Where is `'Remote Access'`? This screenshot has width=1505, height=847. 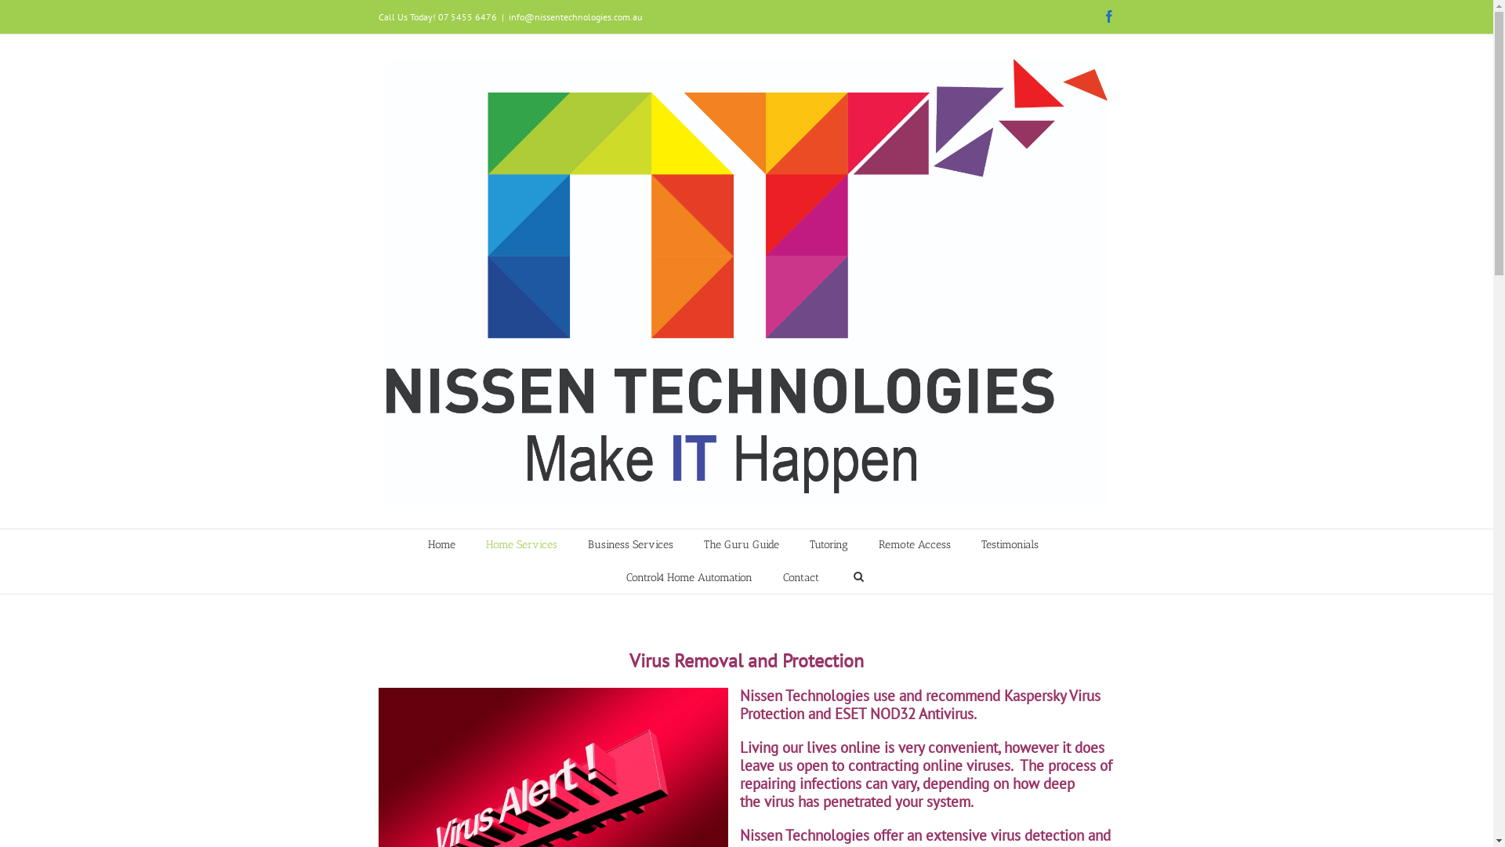 'Remote Access' is located at coordinates (914, 543).